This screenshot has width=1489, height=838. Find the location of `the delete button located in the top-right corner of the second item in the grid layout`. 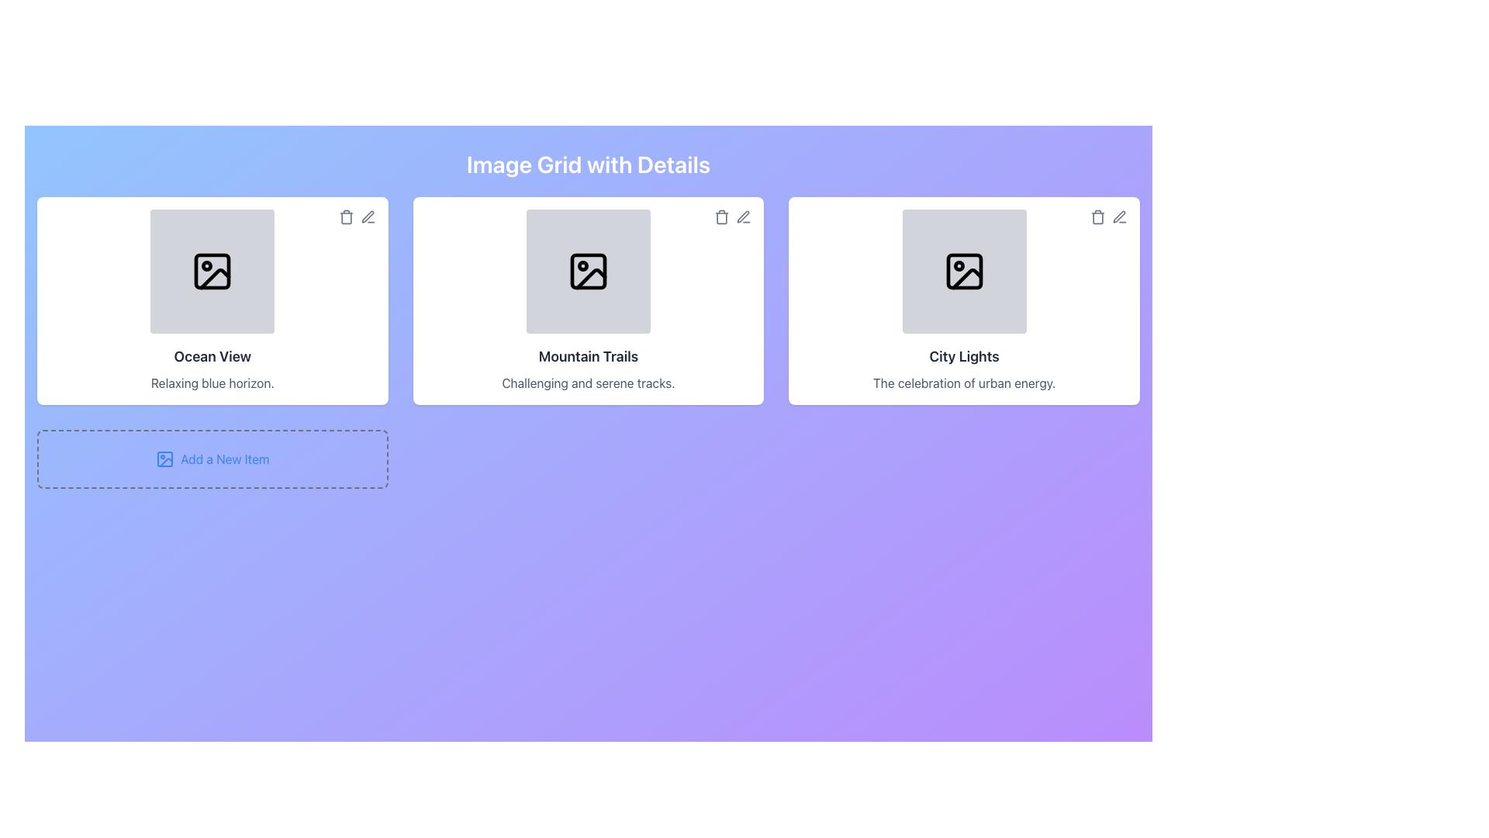

the delete button located in the top-right corner of the second item in the grid layout is located at coordinates (721, 217).